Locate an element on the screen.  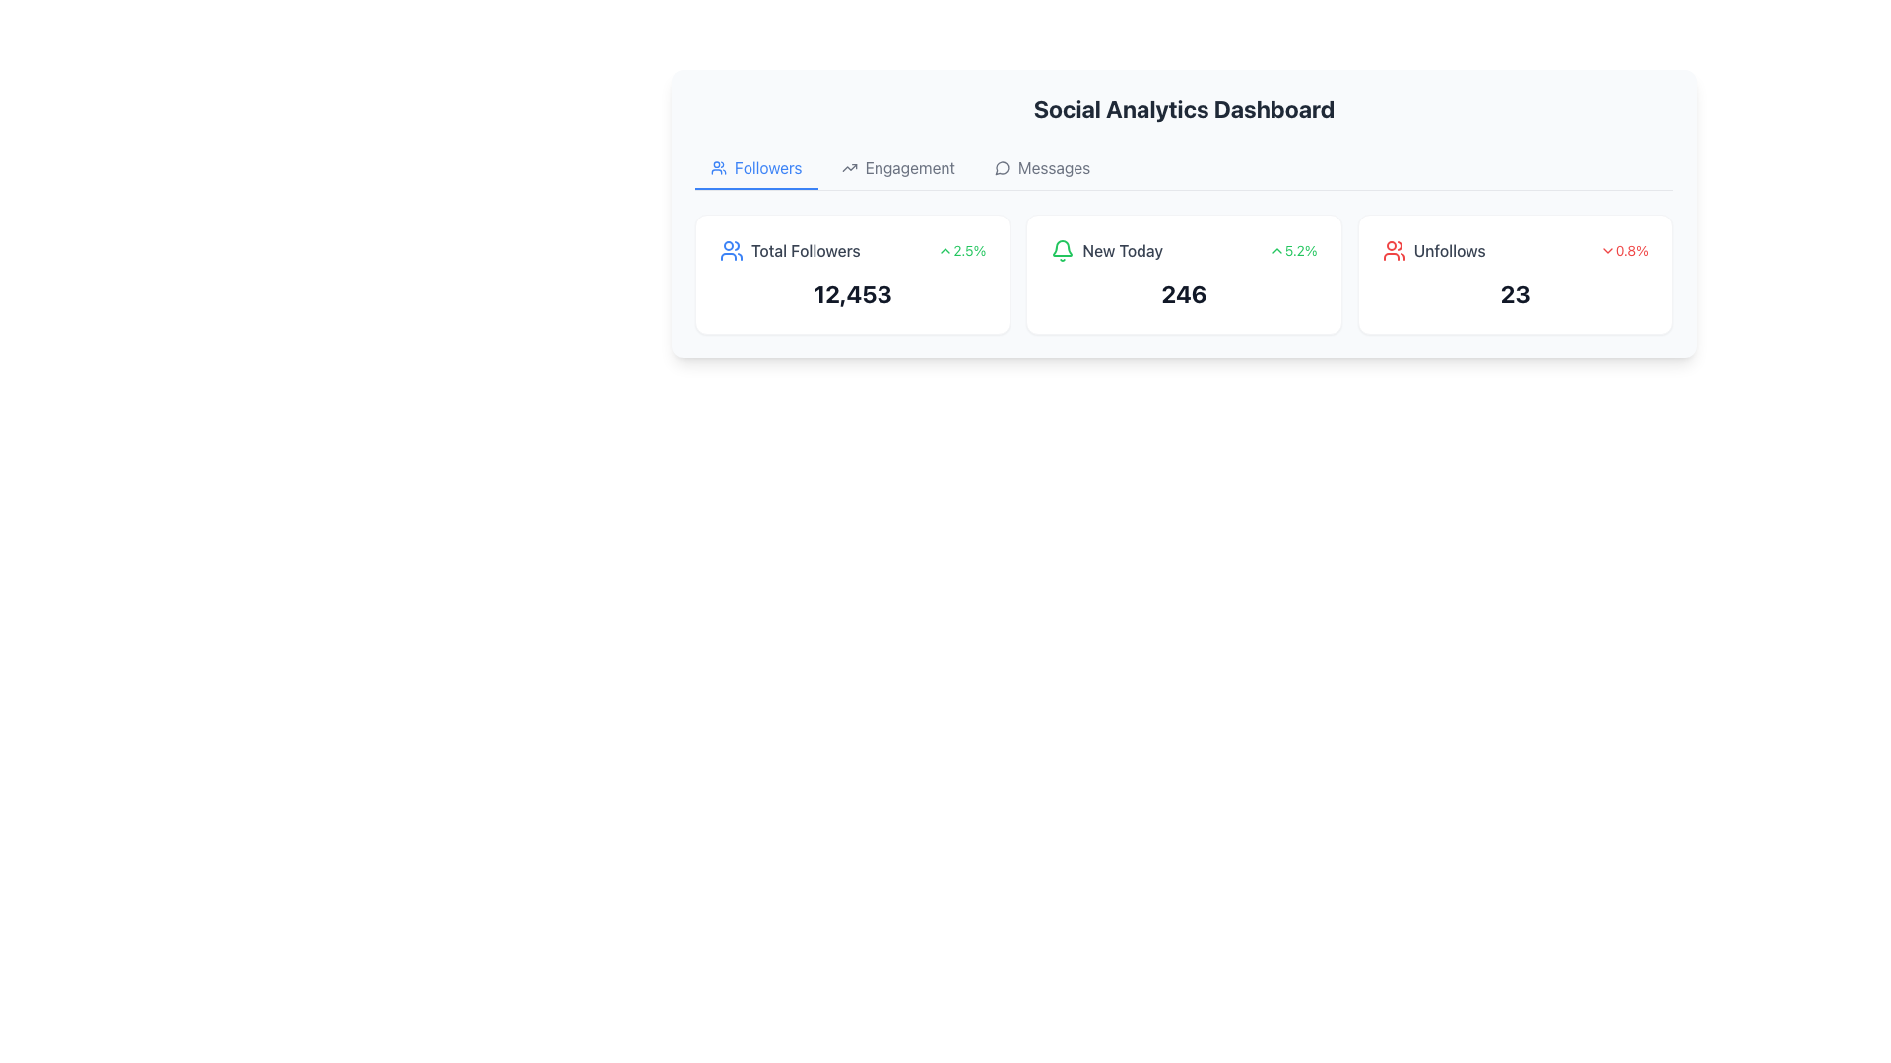
text value displayed at the bottom right of the 'Unfollows' card, which shows the total number of unfollow actions recorded is located at coordinates (1514, 294).